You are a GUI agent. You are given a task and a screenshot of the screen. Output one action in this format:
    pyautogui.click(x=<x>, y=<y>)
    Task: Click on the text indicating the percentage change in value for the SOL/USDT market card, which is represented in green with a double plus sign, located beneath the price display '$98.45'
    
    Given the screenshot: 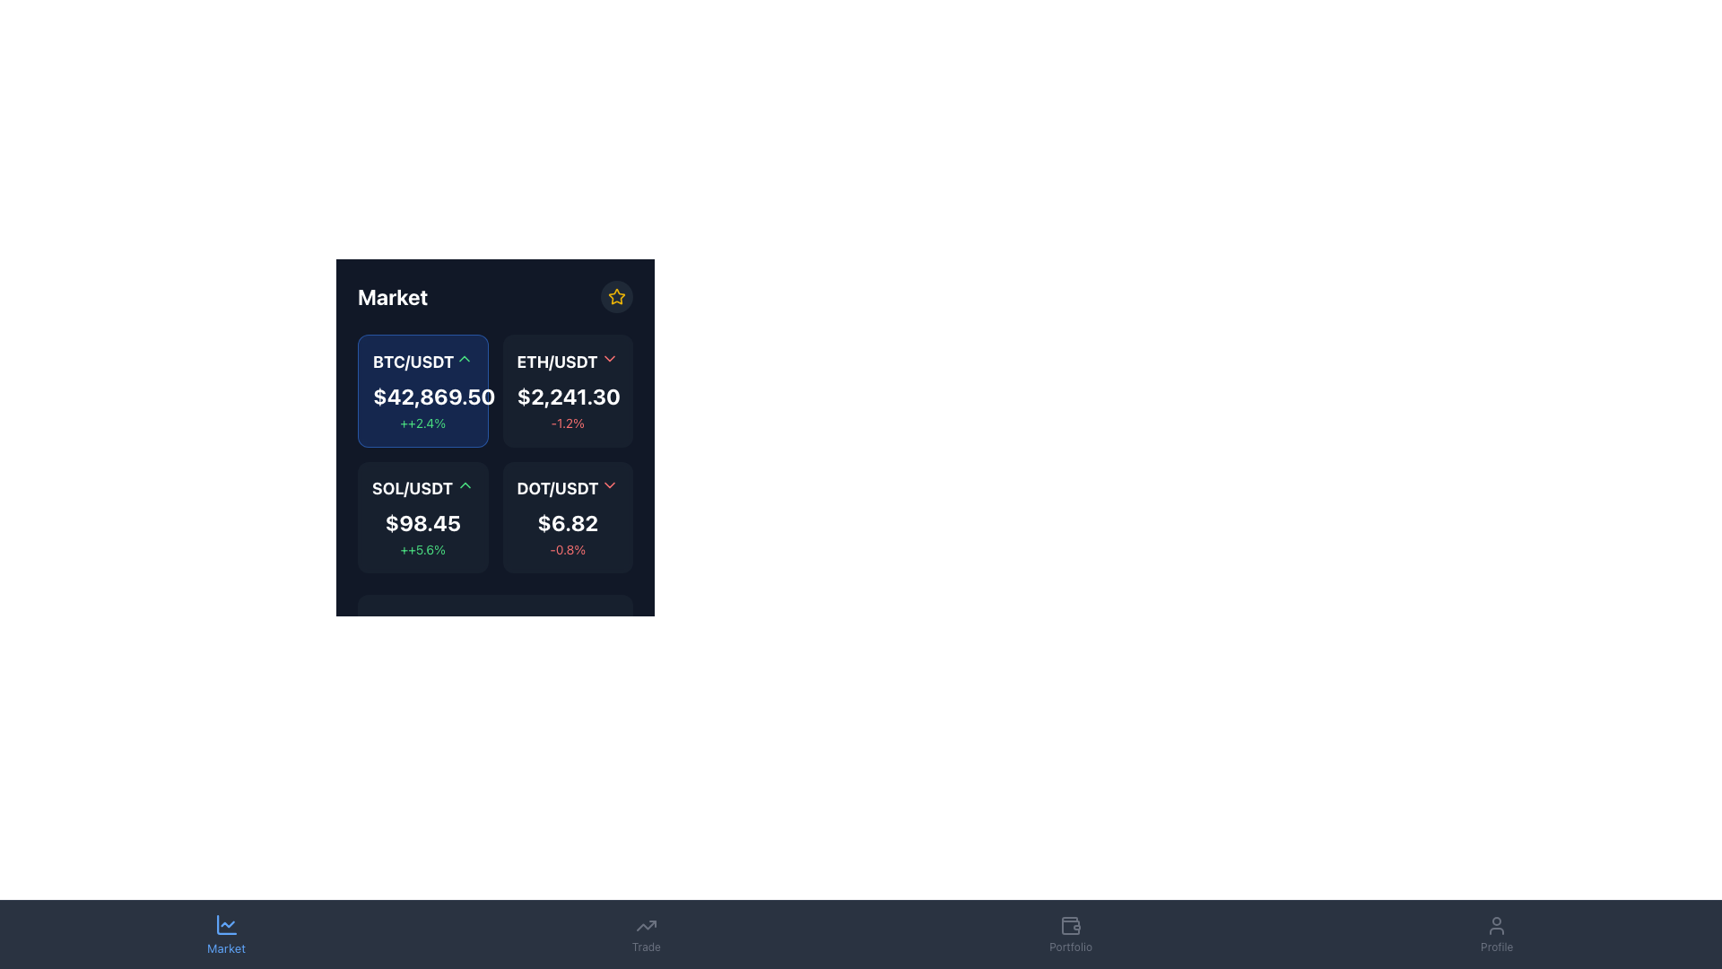 What is the action you would take?
    pyautogui.click(x=422, y=549)
    